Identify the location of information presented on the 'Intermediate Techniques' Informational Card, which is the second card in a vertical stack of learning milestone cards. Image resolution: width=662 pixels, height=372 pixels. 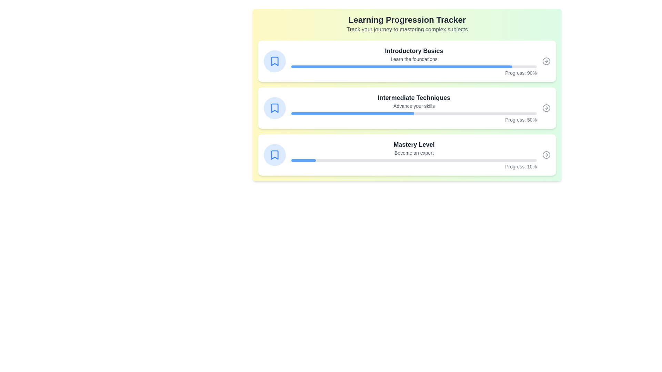
(407, 108).